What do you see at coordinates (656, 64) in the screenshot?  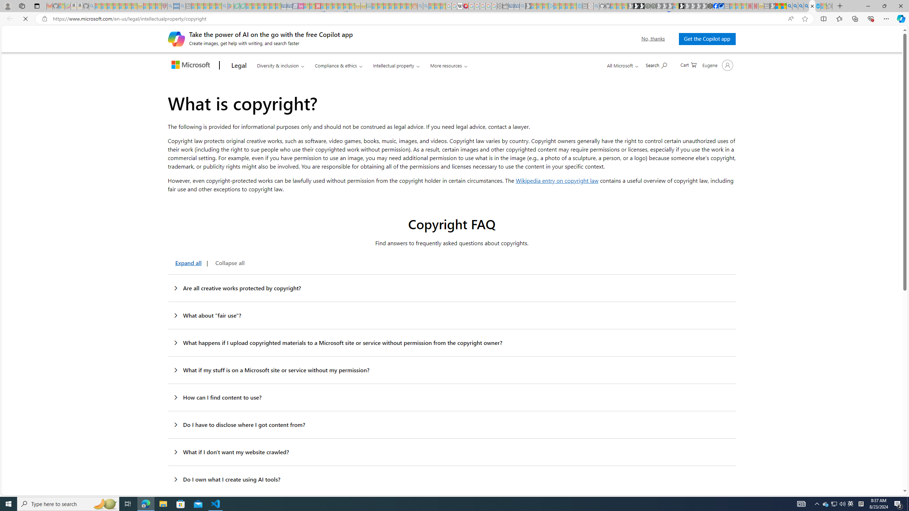 I see `'Search Microsoft Legal Resources'` at bounding box center [656, 64].